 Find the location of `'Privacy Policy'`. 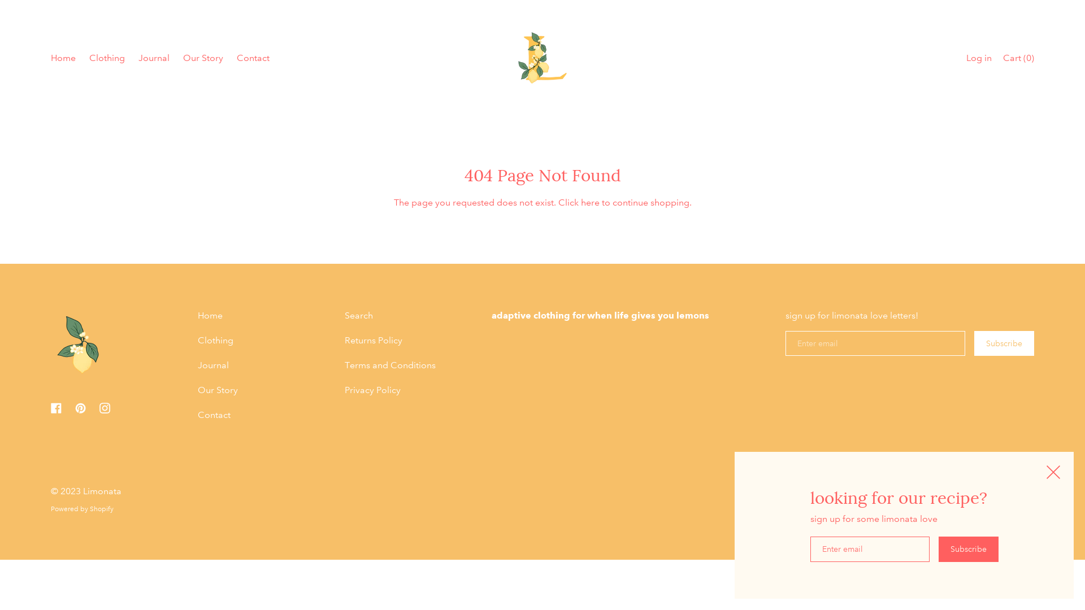

'Privacy Policy' is located at coordinates (372, 389).